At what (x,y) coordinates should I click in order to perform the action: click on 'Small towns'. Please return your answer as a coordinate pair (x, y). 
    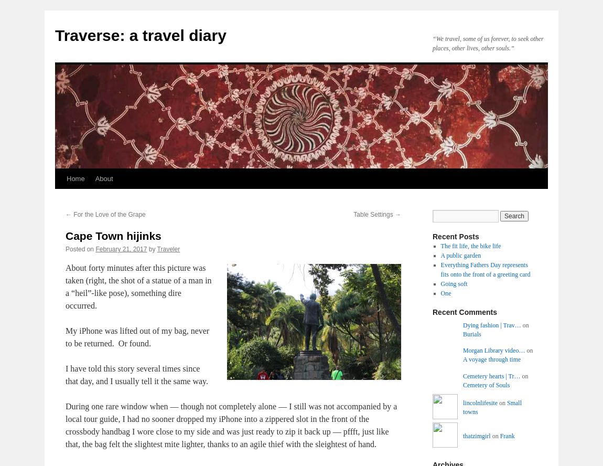
    Looking at the image, I should click on (492, 407).